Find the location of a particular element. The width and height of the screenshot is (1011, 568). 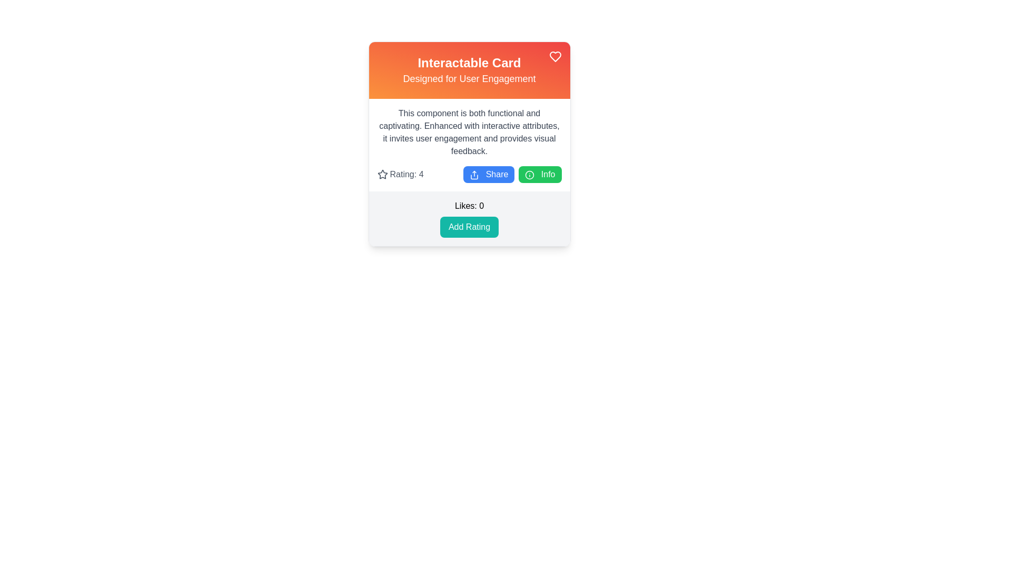

the circular outline of the 'Info' icon, which is positioned at the rightmost end of a horizontal row of buttons including 'Rating', 'Share', and 'Info' is located at coordinates (530, 174).